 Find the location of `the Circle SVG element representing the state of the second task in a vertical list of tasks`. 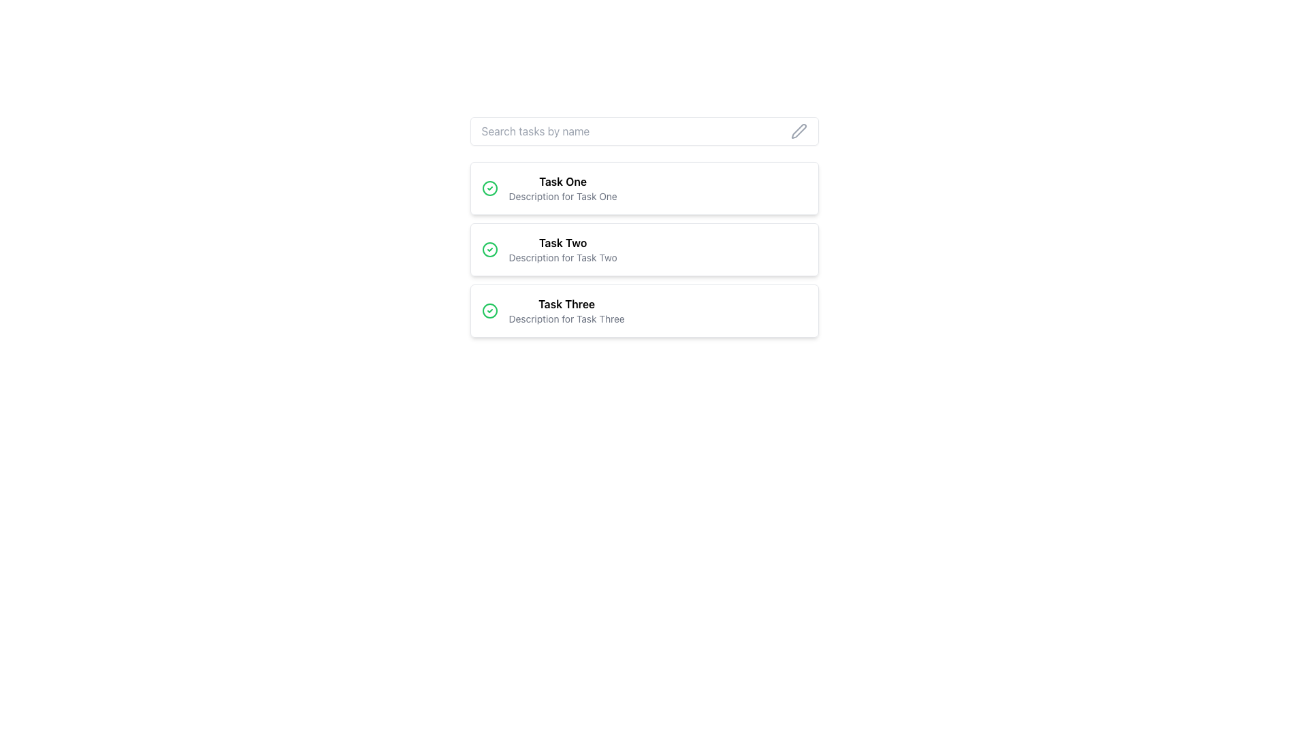

the Circle SVG element representing the state of the second task in a vertical list of tasks is located at coordinates (489, 249).